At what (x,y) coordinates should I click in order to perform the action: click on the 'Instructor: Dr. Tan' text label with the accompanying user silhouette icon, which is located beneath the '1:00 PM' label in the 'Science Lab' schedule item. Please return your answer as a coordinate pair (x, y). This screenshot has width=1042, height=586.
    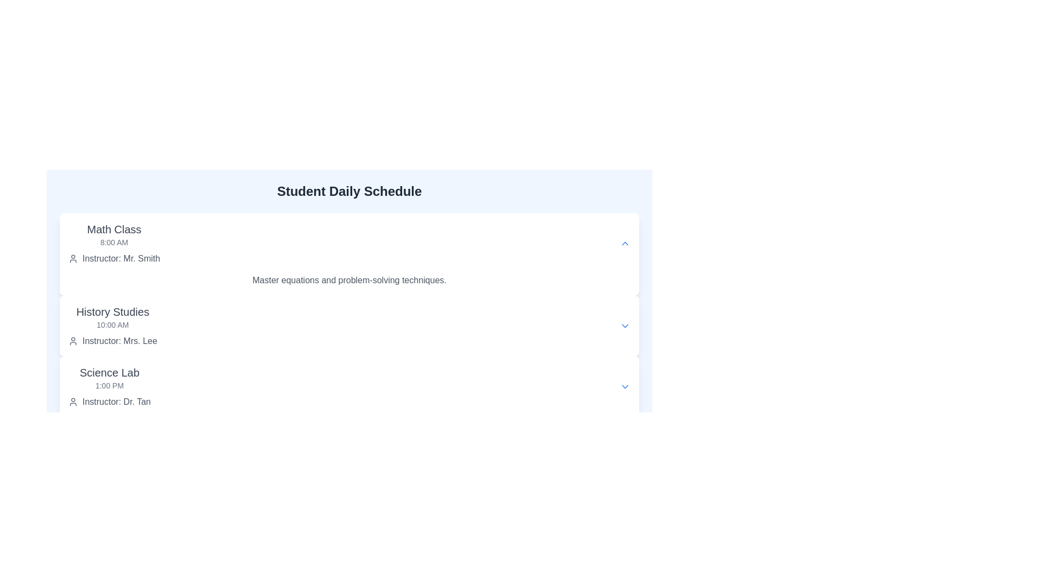
    Looking at the image, I should click on (109, 402).